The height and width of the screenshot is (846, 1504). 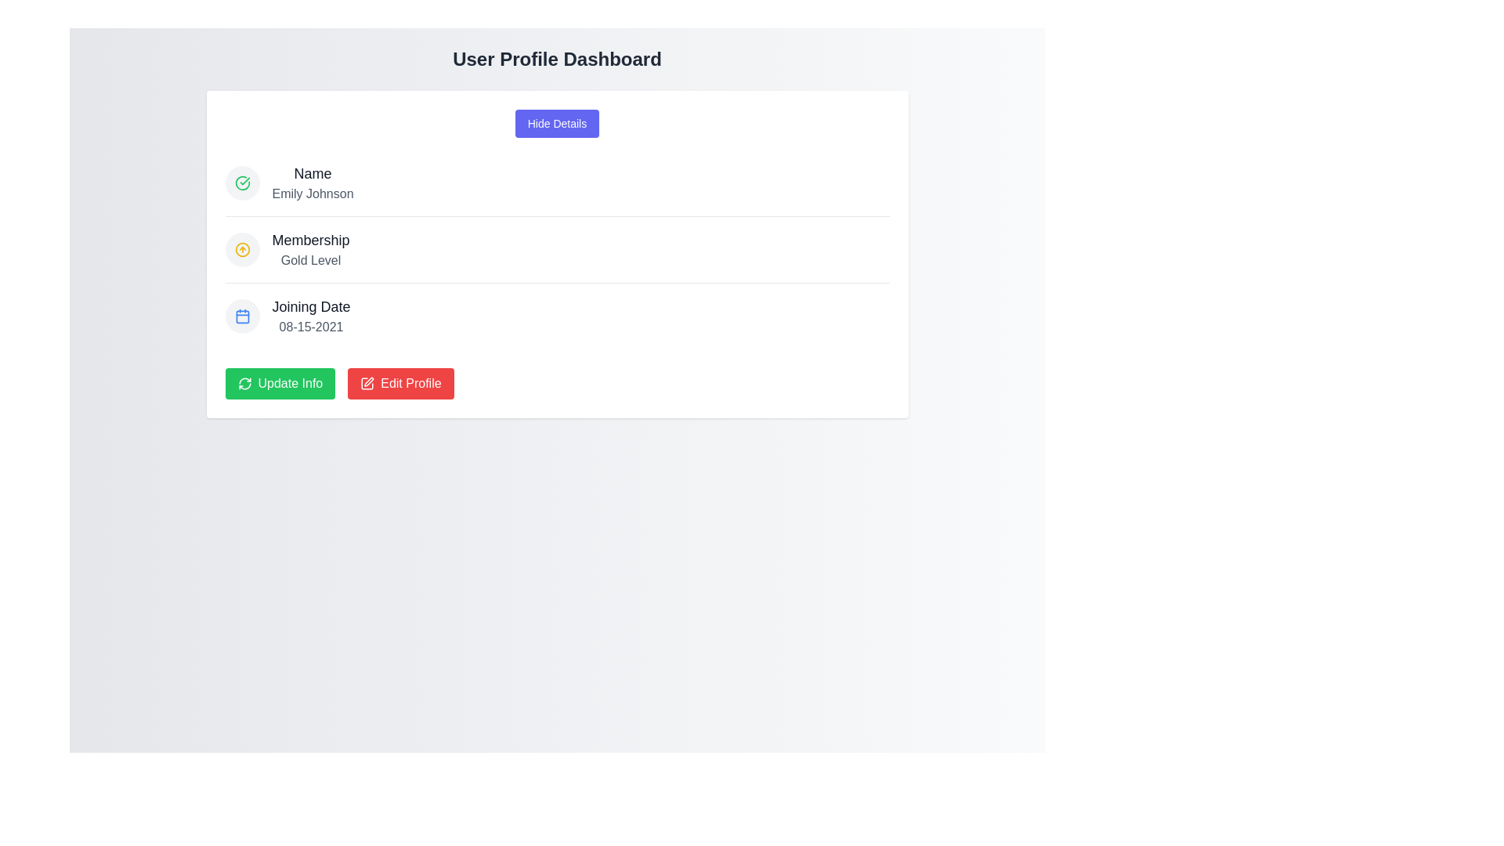 What do you see at coordinates (557, 123) in the screenshot?
I see `the purple button labeled 'Hide Details' located below the 'User Profile Dashboard' heading` at bounding box center [557, 123].